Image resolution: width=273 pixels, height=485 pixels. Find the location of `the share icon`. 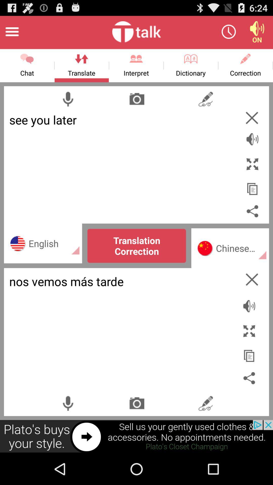

the share icon is located at coordinates (252, 226).